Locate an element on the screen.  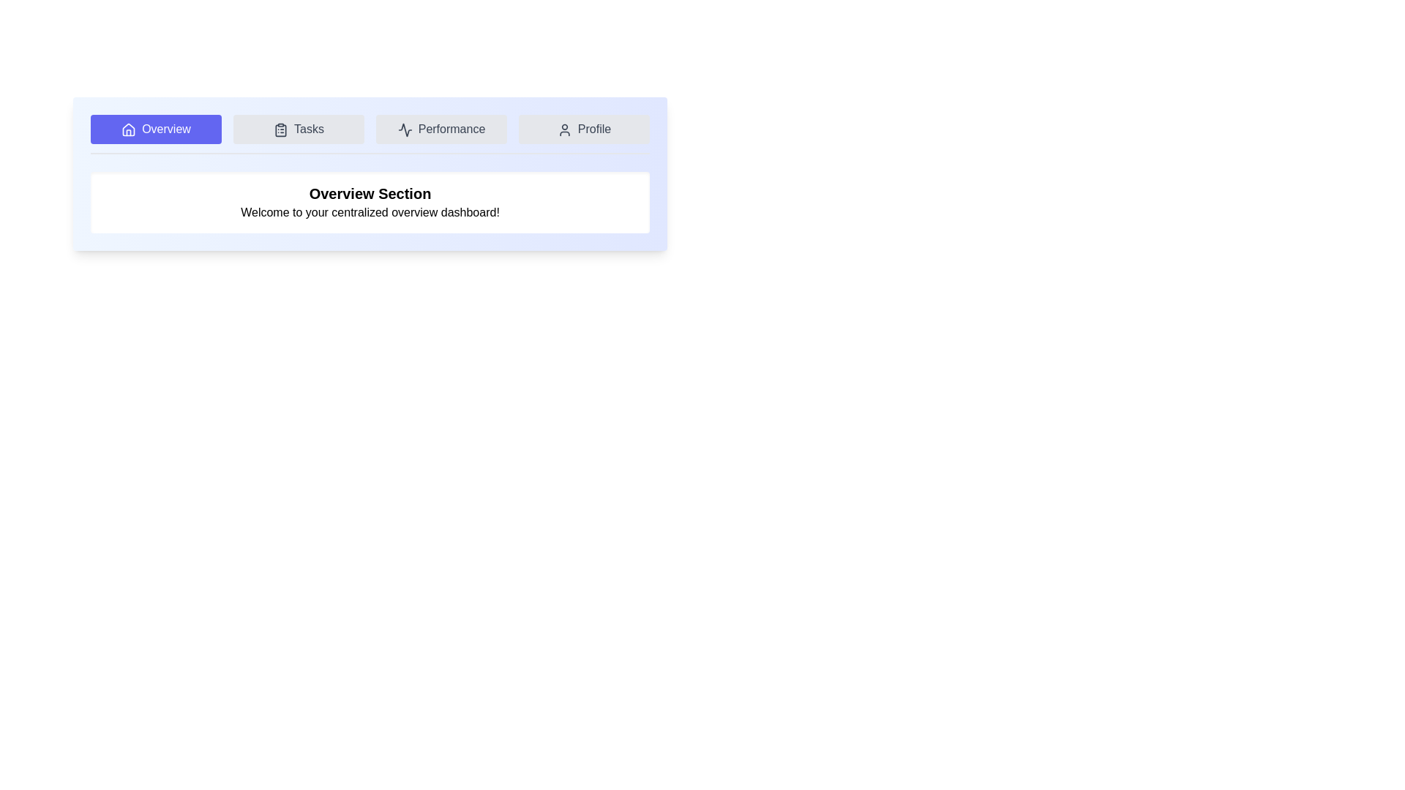
the SVG Icon that represents the 'Performance' section in the navigation bar, located in the third position from the left is located at coordinates (405, 129).